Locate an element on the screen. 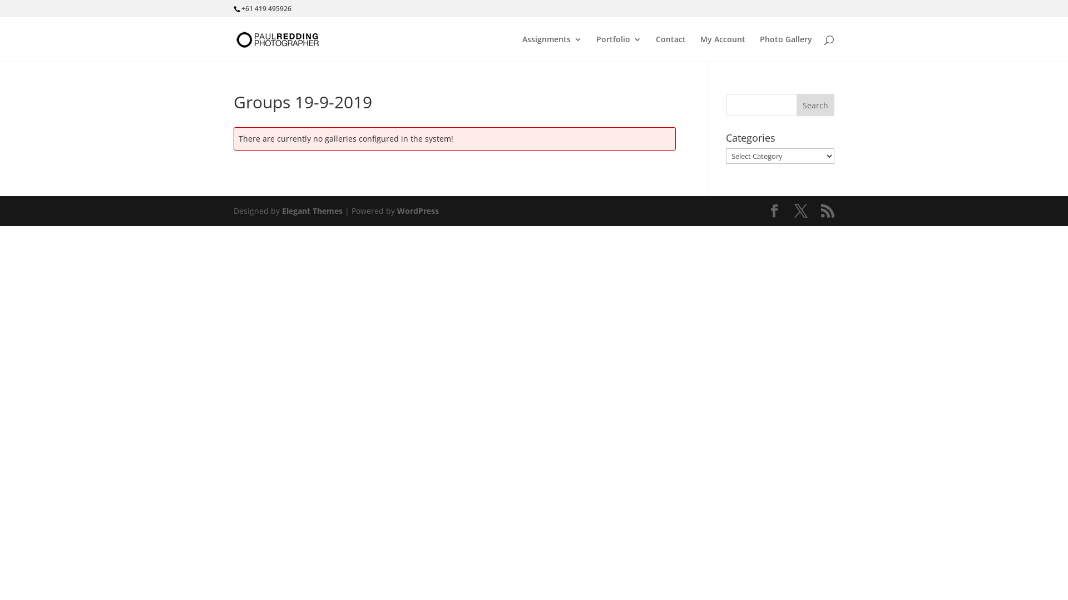 This screenshot has height=600, width=1068. 'My Account' is located at coordinates (723, 48).